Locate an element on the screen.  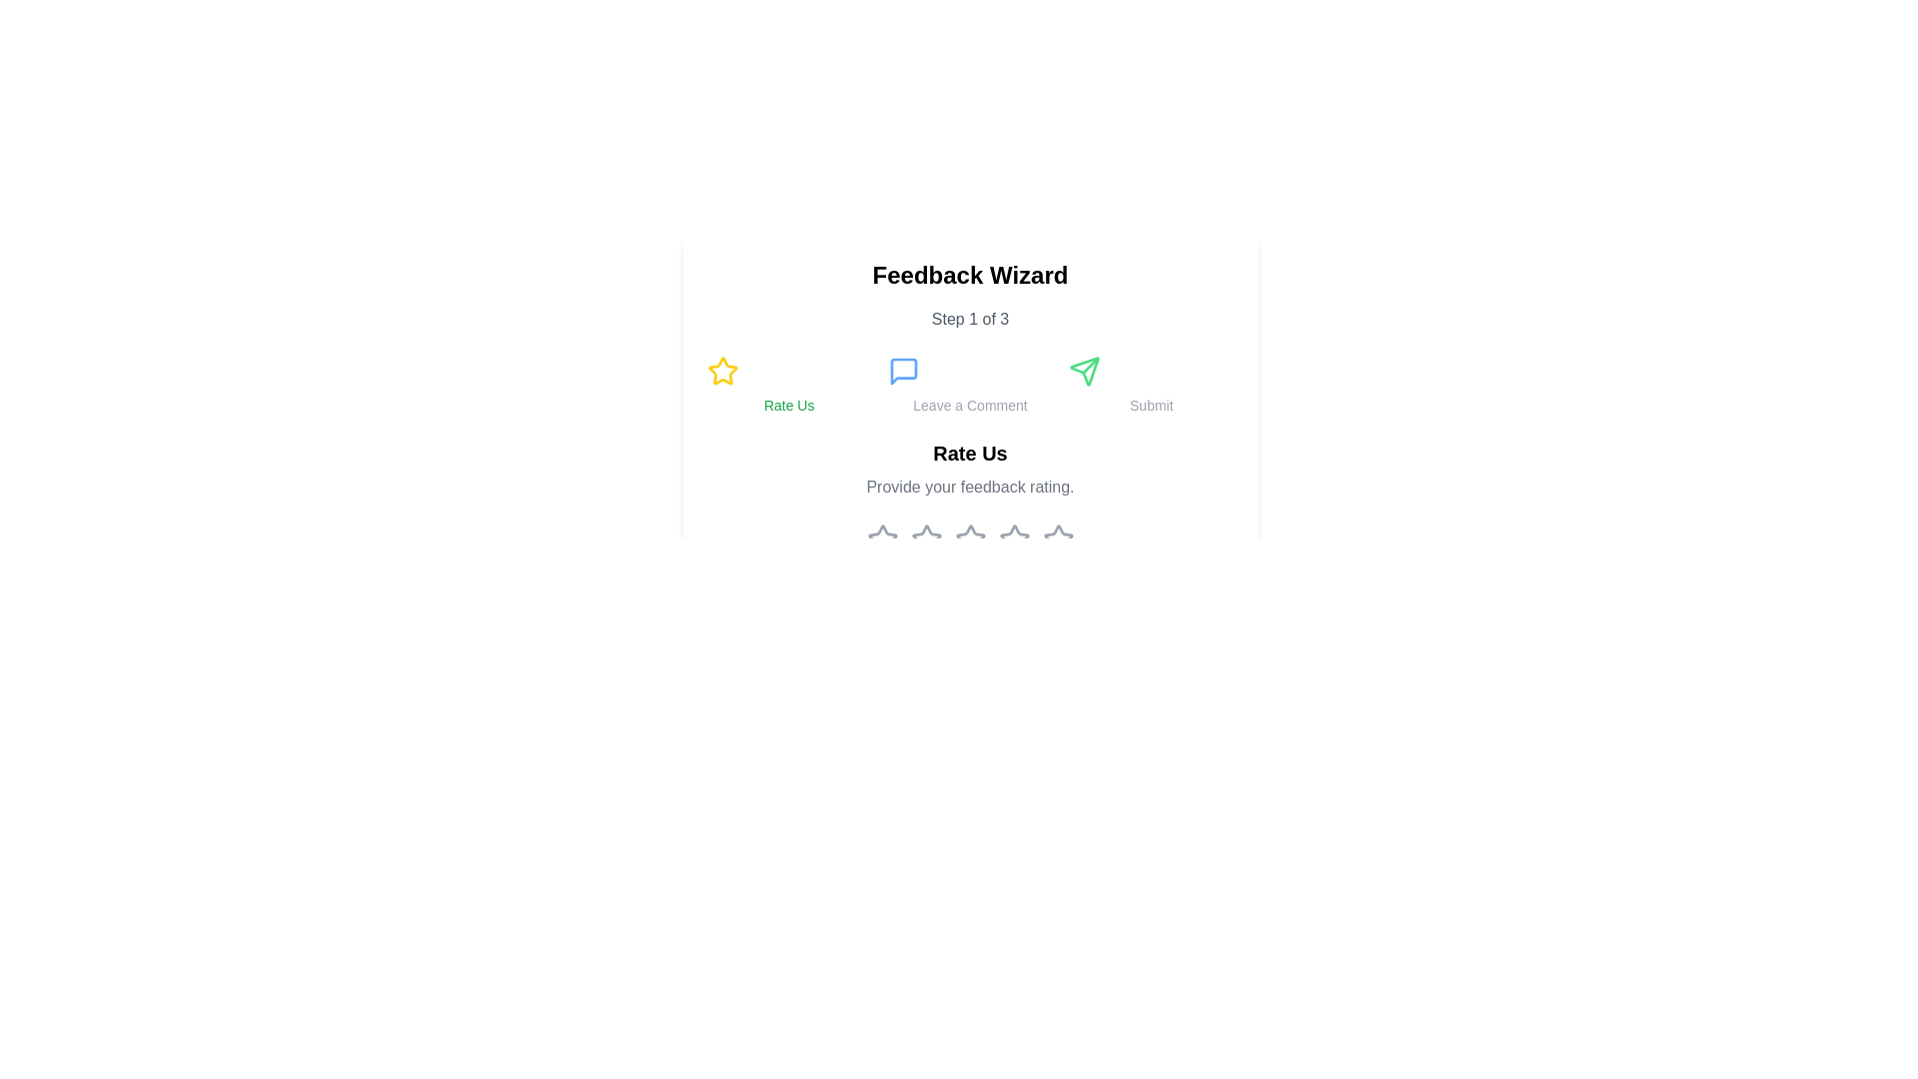
the 5th star icon in the rating input mechanism is located at coordinates (1057, 539).